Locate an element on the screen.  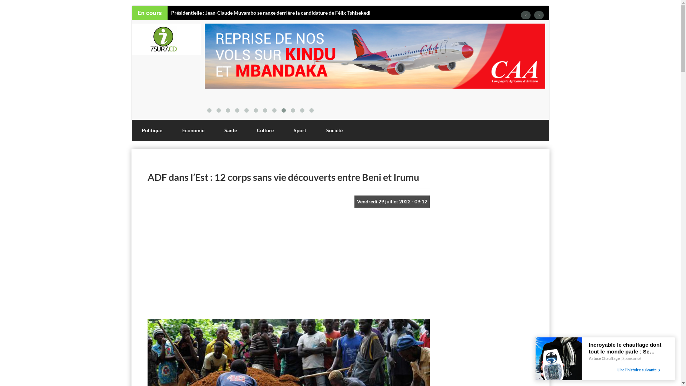
'Accueil' is located at coordinates (166, 39).